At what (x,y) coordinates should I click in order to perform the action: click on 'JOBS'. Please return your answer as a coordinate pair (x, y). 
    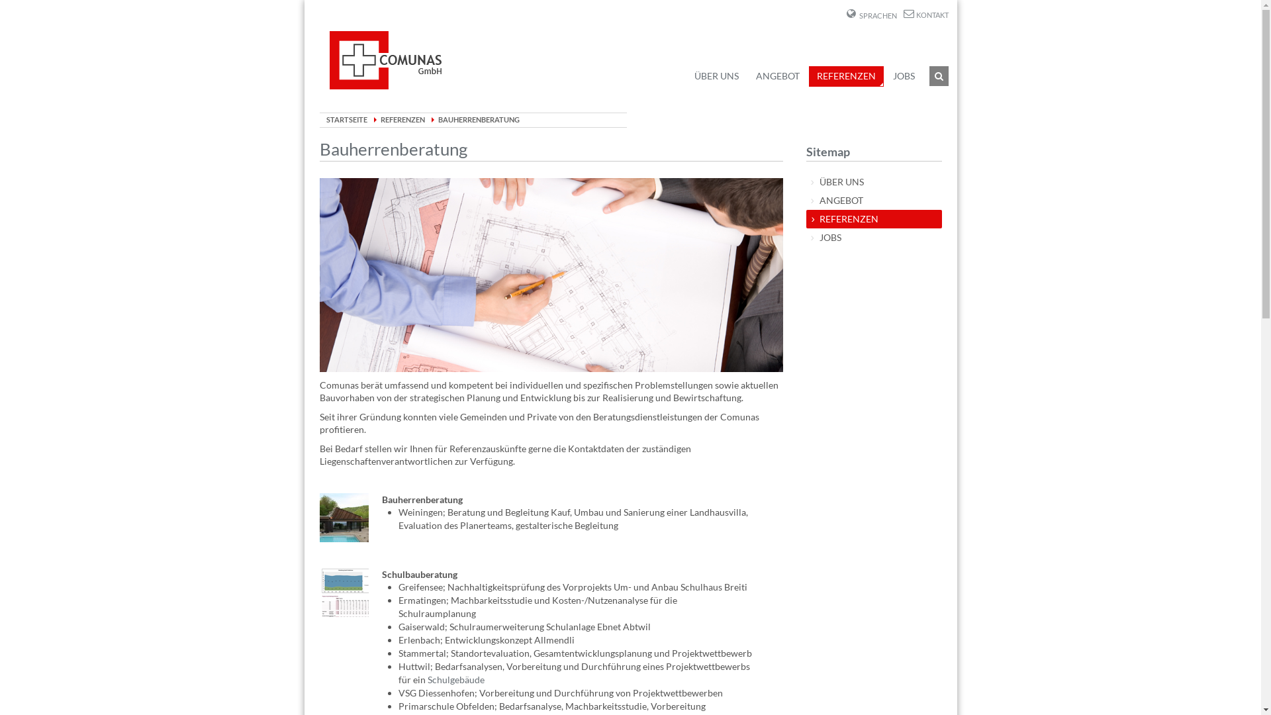
    Looking at the image, I should click on (874, 236).